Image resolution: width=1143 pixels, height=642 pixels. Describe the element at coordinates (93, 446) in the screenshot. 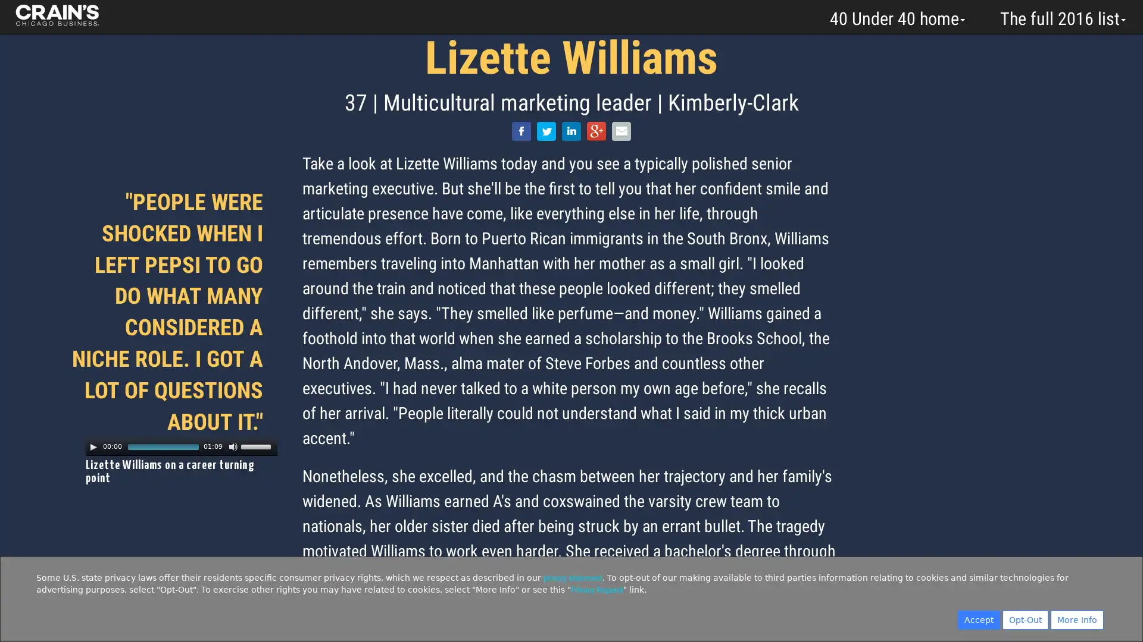

I see `Play/Pause` at that location.